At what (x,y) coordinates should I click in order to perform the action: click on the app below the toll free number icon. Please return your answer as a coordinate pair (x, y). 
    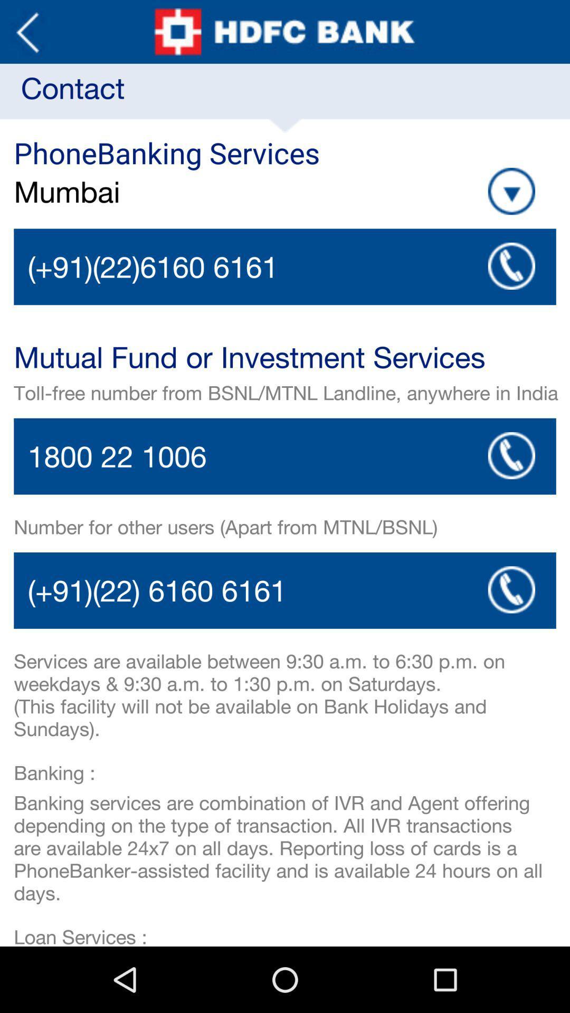
    Looking at the image, I should click on (511, 455).